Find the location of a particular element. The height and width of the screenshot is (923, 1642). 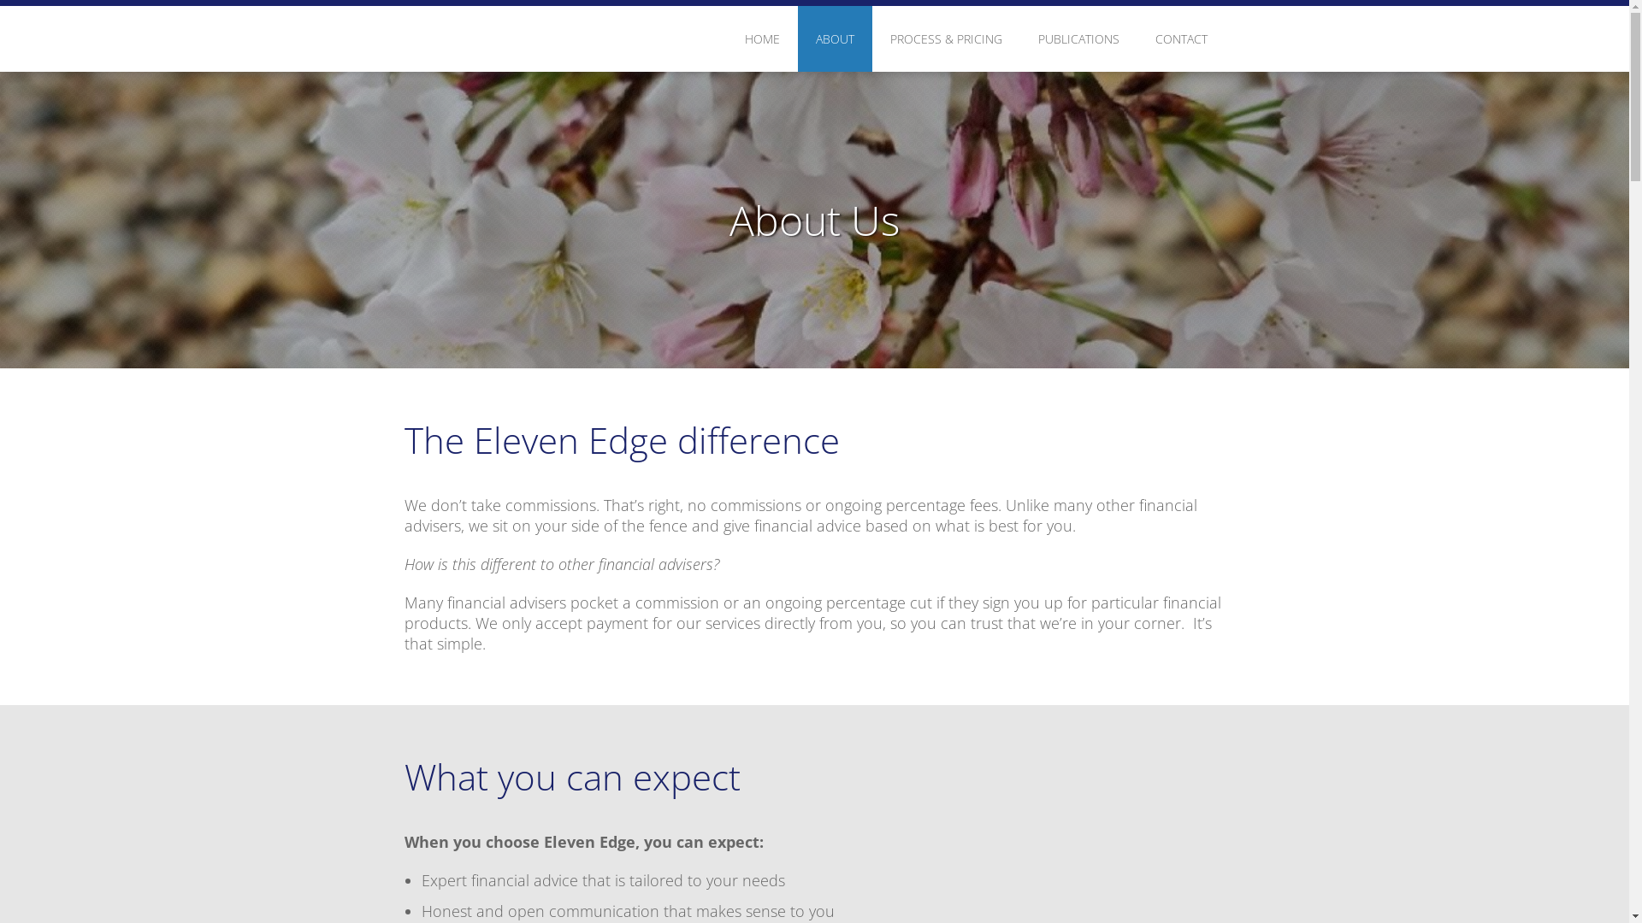

'CONTACT' is located at coordinates (1180, 38).